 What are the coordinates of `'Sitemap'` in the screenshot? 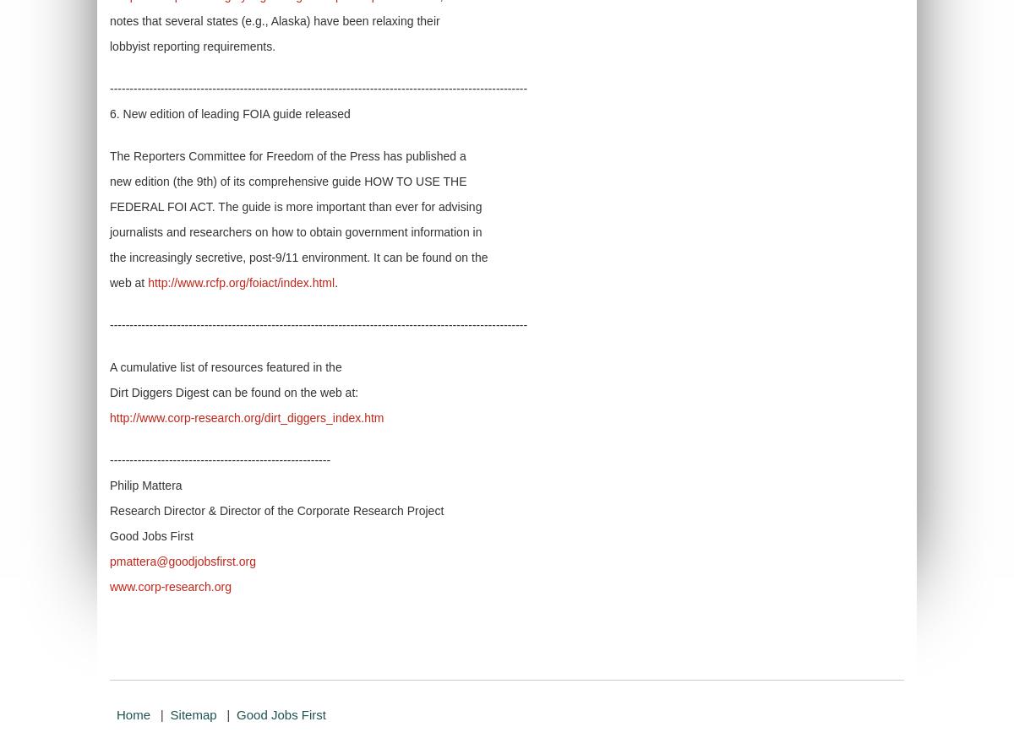 It's located at (192, 714).